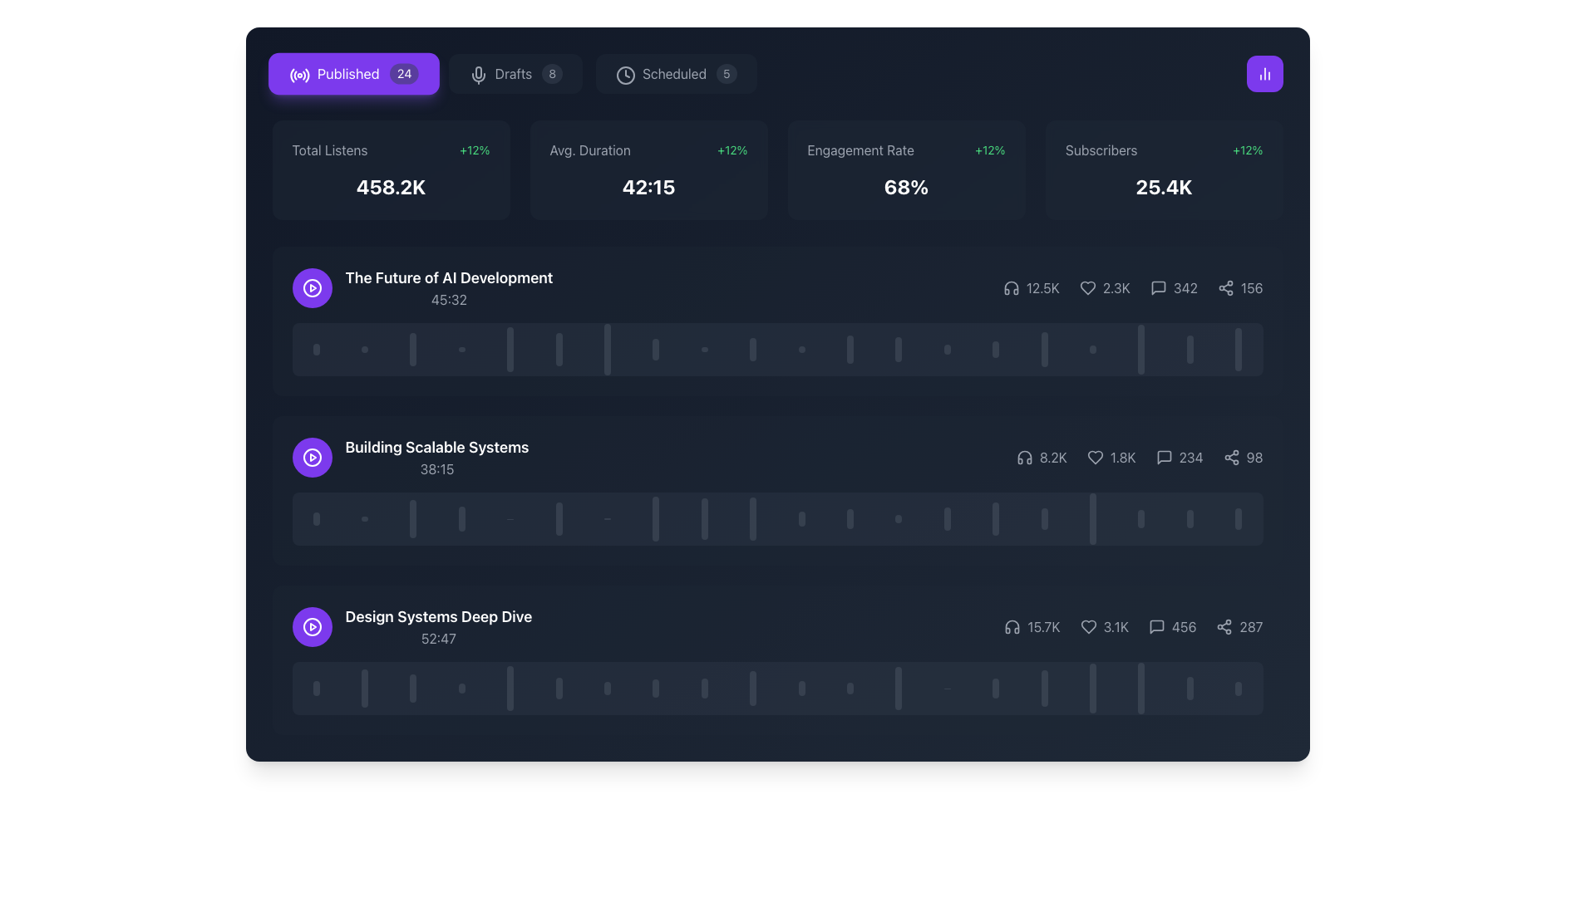  Describe the element at coordinates (801, 517) in the screenshot. I see `the eleventh capsule-shaped progress indicator in the second row under the 'Building Scalable Systems' section` at that location.